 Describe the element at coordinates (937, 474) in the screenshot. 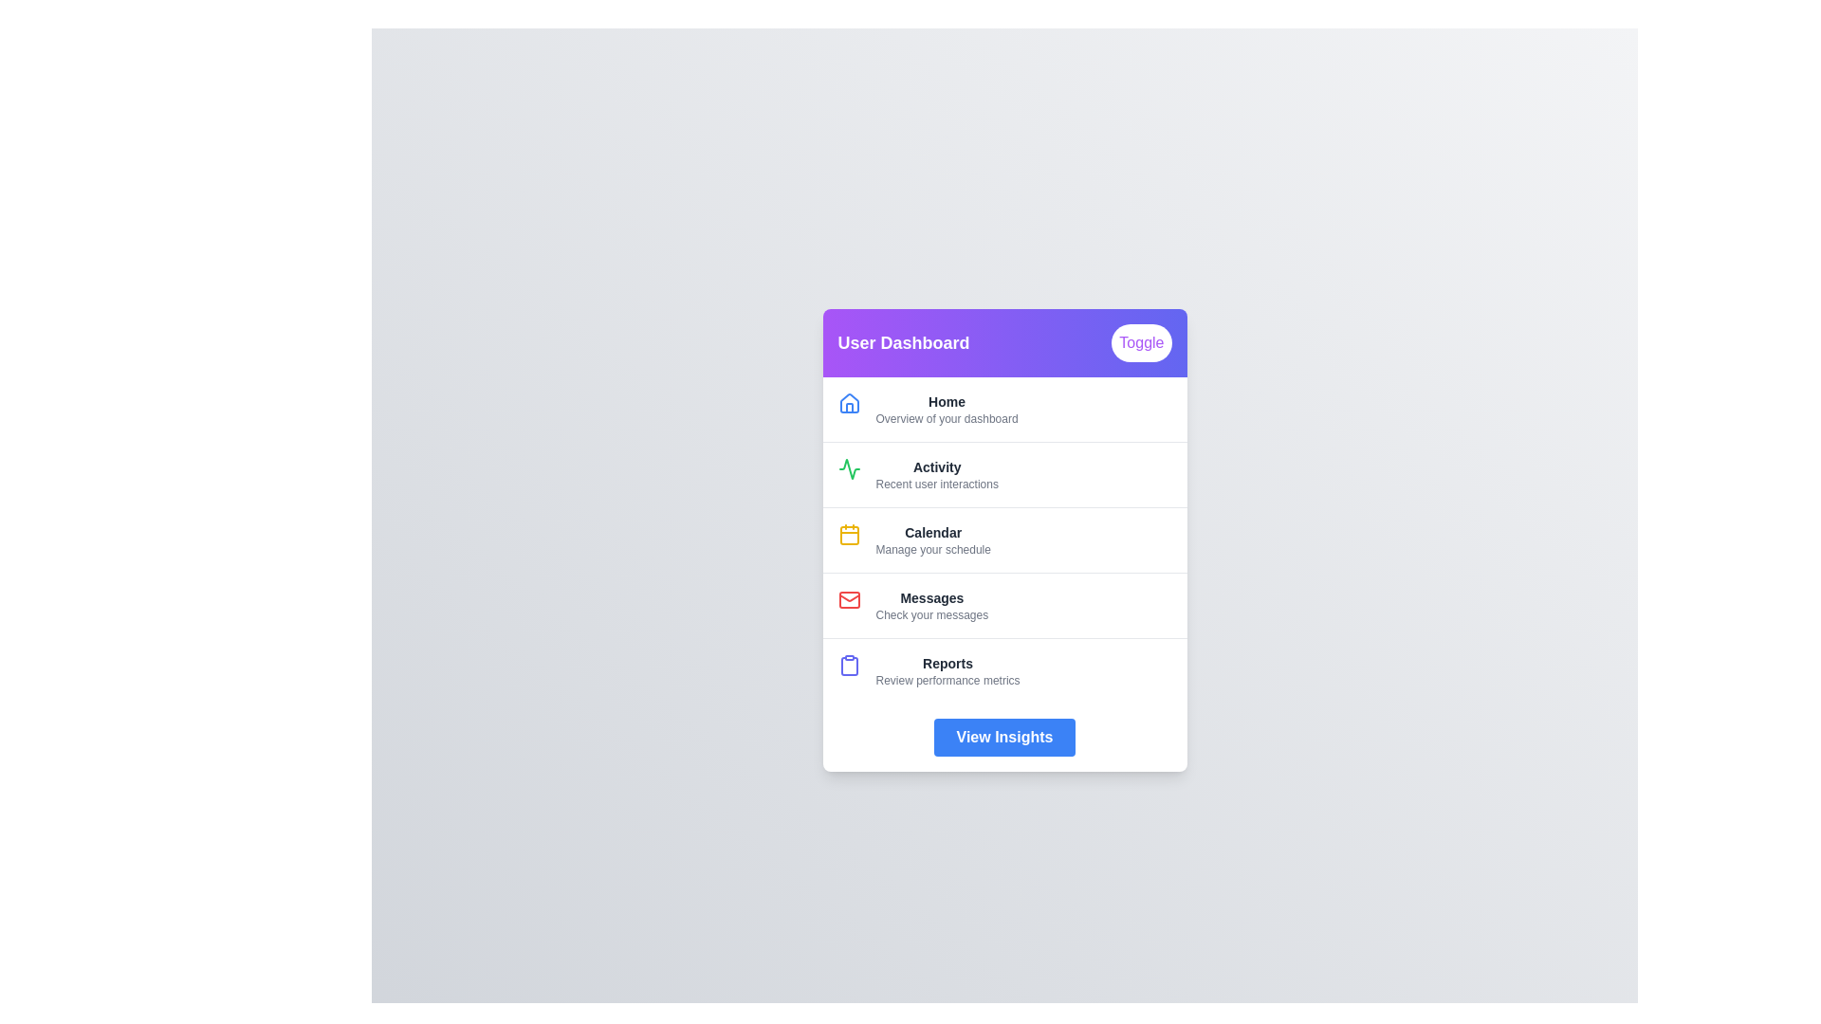

I see `the menu item corresponding to Activity` at that location.